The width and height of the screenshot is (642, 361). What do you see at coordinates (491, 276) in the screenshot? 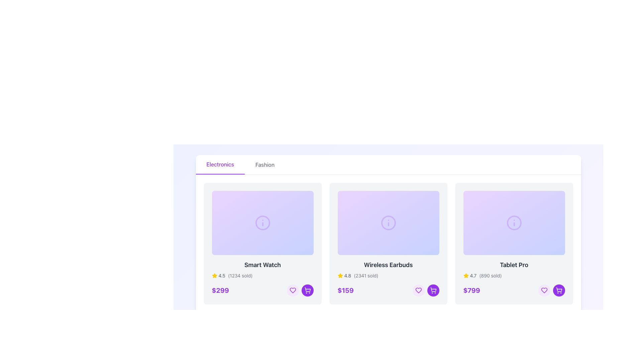
I see `the informational label displaying the number of units sold for the product 'Tablet Pro', which is positioned to the right of the '4.7' rating text` at bounding box center [491, 276].